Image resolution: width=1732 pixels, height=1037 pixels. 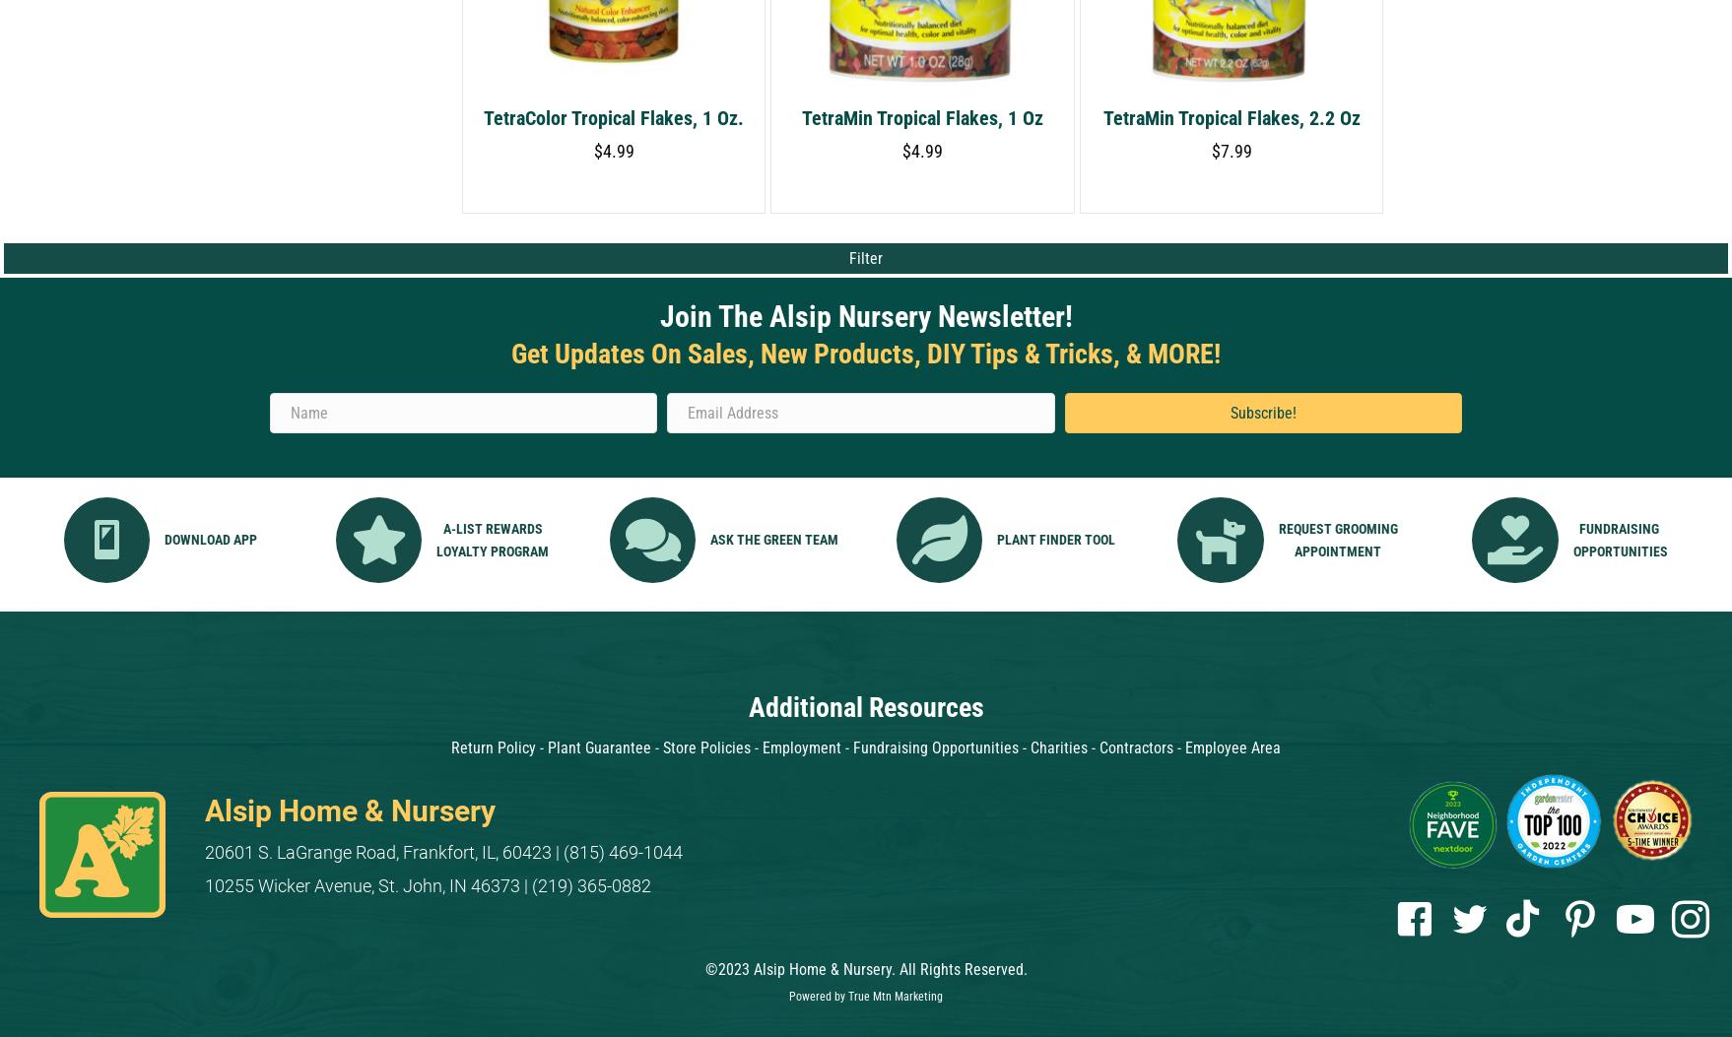 I want to click on 'Employment', so click(x=800, y=746).